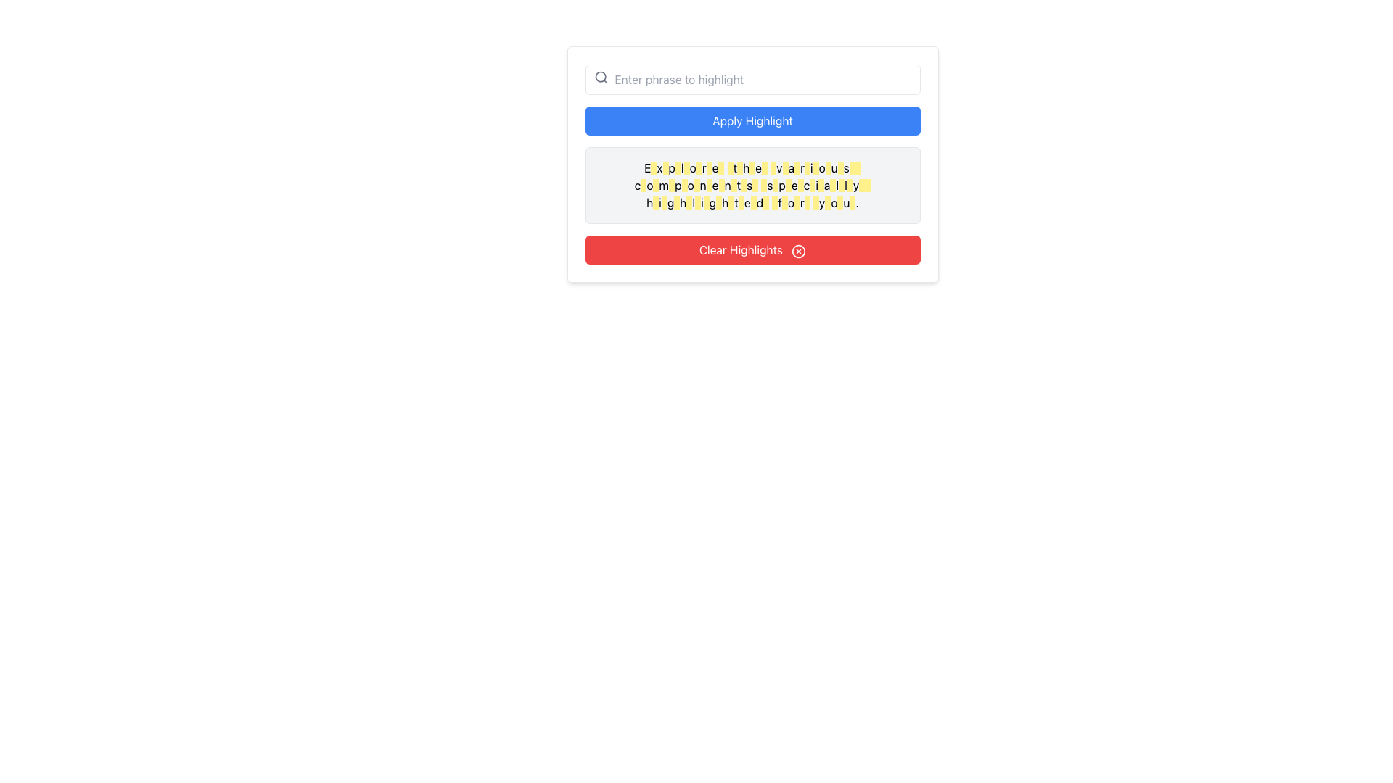 Image resolution: width=1393 pixels, height=783 pixels. What do you see at coordinates (784, 167) in the screenshot?
I see `the thirteenth highlighted segment in the text 'Explore the various components specially highlighted for you.'` at bounding box center [784, 167].